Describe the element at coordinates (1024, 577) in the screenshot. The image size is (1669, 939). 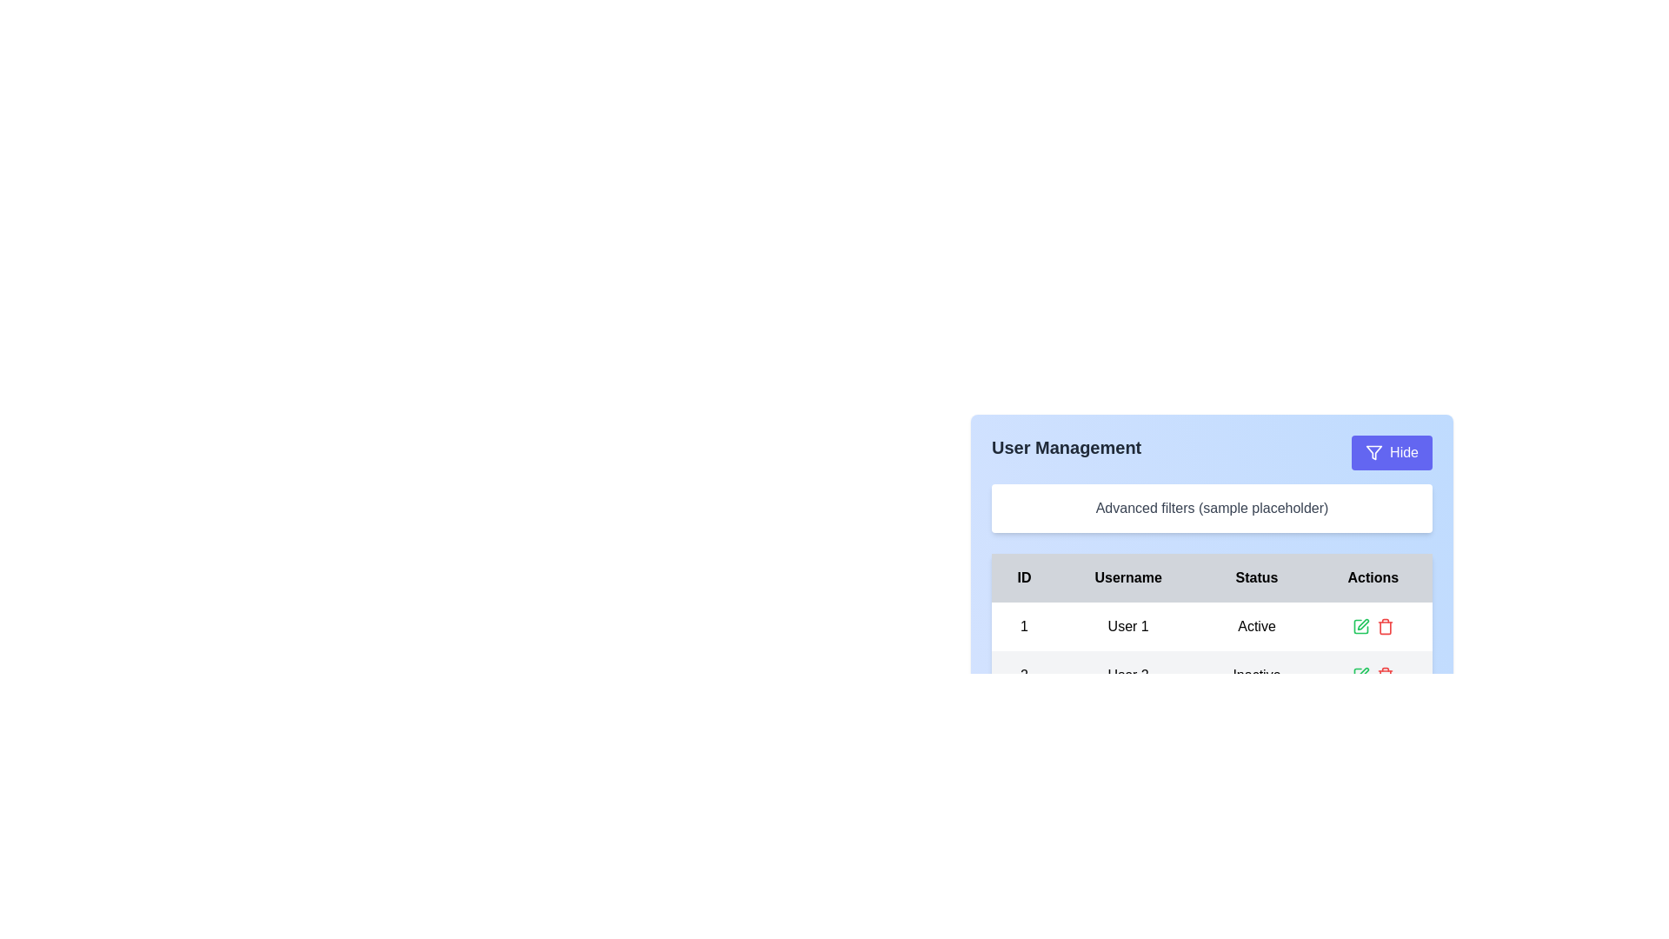
I see `the 'ID' column header, which is a bold black text on a light gray background located at the leftmost side of the table header row` at that location.